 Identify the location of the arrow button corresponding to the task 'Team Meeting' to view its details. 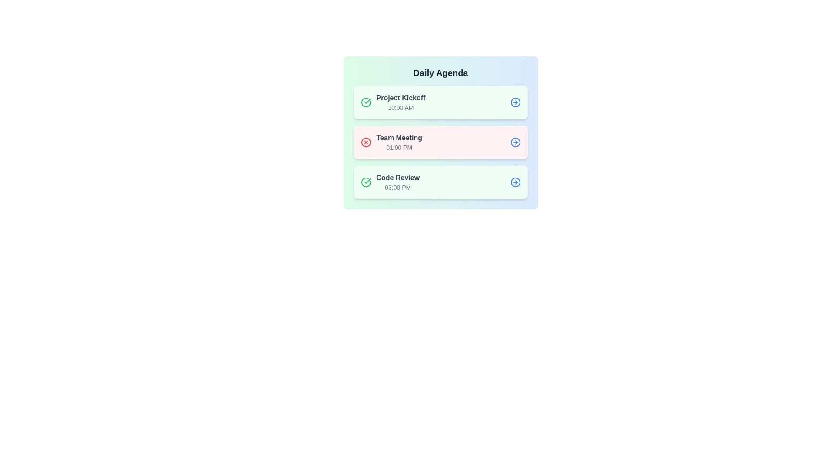
(515, 142).